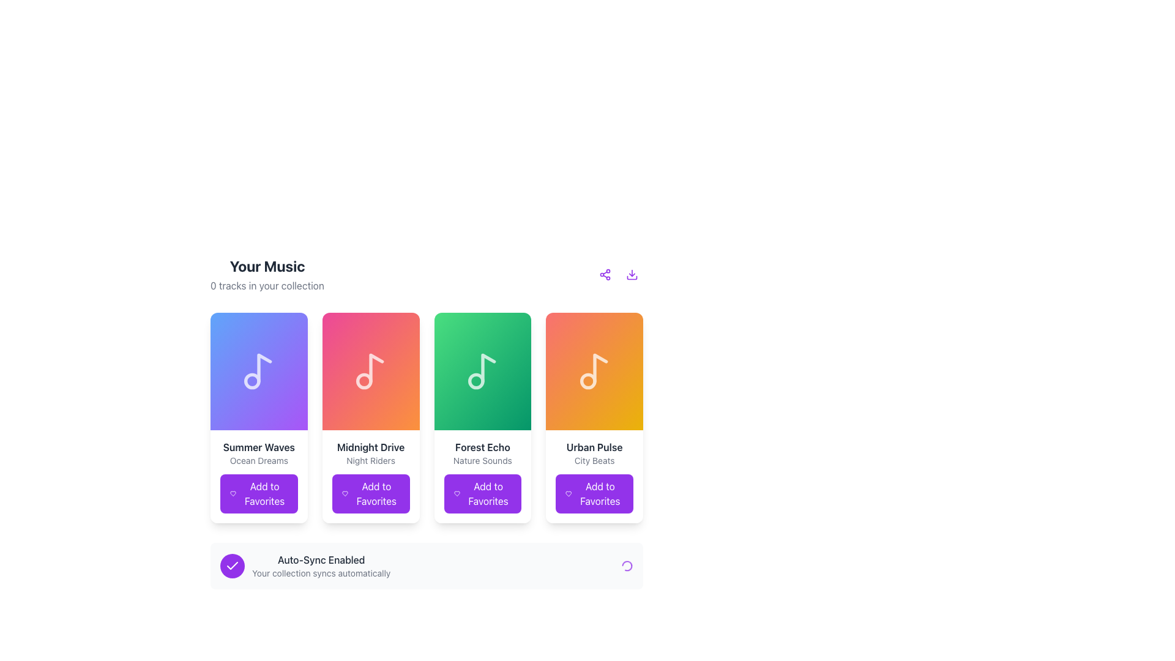  What do you see at coordinates (258, 460) in the screenshot?
I see `the static text element that provides additional information about 'Summer Waves', located below the title and above the 'Add to Favorites' button` at bounding box center [258, 460].